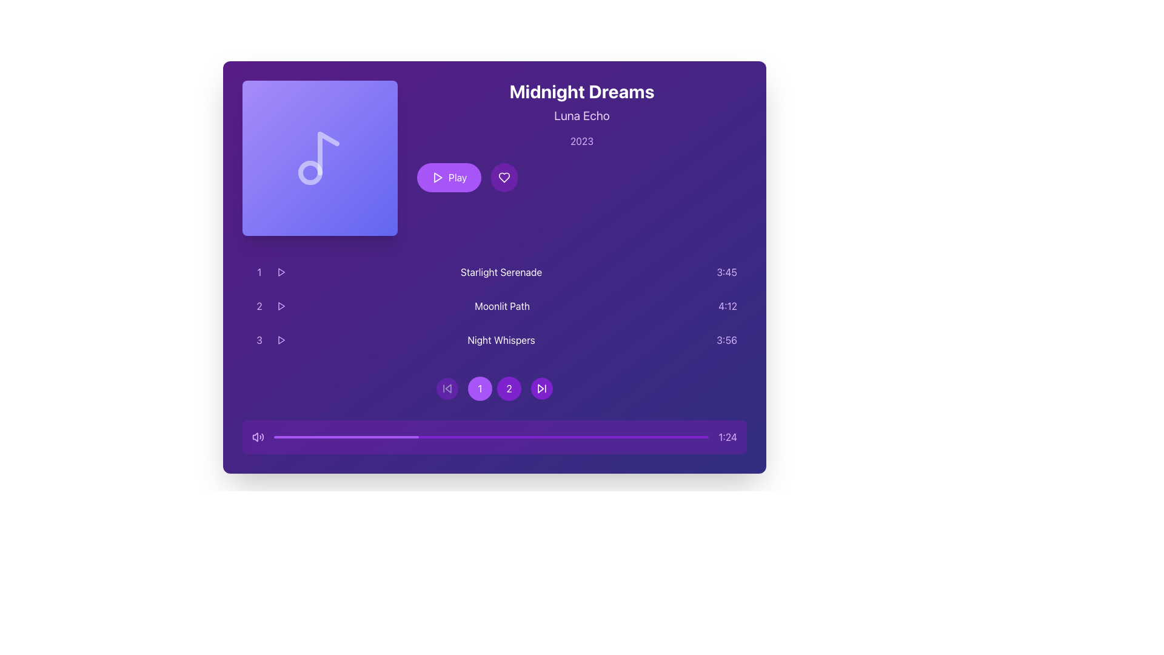 The height and width of the screenshot is (655, 1164). Describe the element at coordinates (541, 388) in the screenshot. I see `the 'skip forward' button located at the bottom center of the interface, which is the rightmost button in the media control group, within permissible areas` at that location.